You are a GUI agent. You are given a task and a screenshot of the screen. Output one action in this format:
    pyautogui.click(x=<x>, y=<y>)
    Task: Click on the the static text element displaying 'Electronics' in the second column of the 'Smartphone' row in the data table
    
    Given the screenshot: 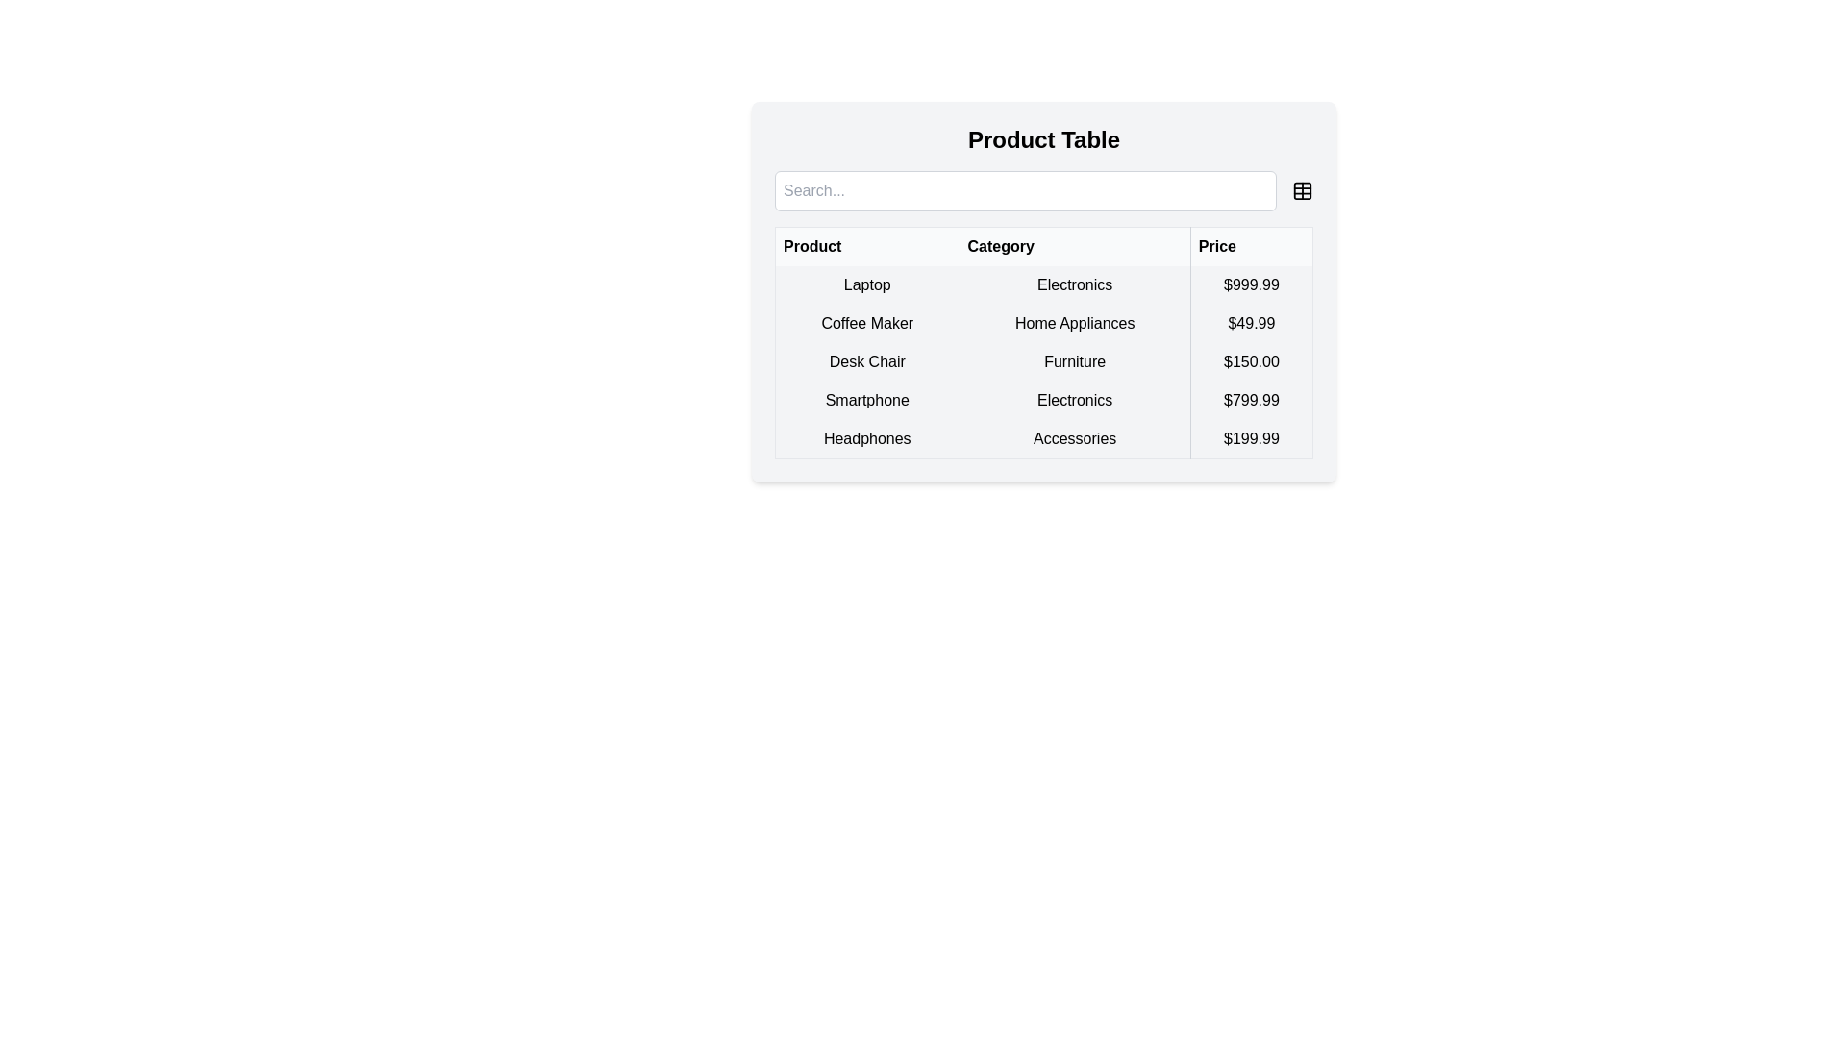 What is the action you would take?
    pyautogui.click(x=1074, y=399)
    